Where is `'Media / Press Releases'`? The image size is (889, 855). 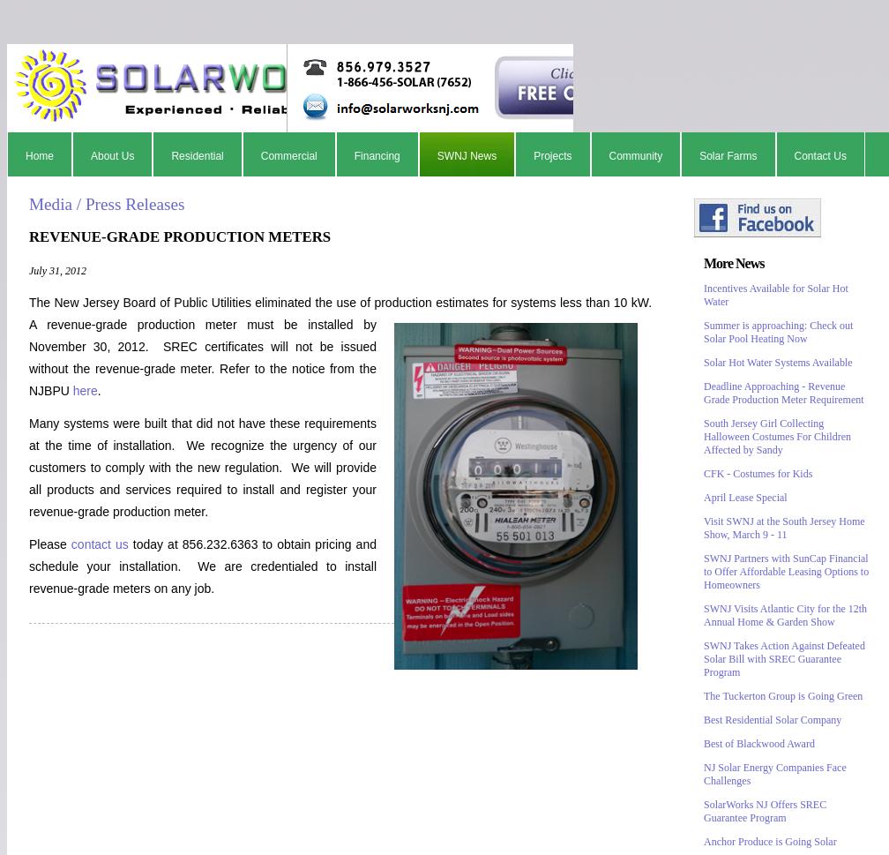 'Media / Press Releases' is located at coordinates (106, 203).